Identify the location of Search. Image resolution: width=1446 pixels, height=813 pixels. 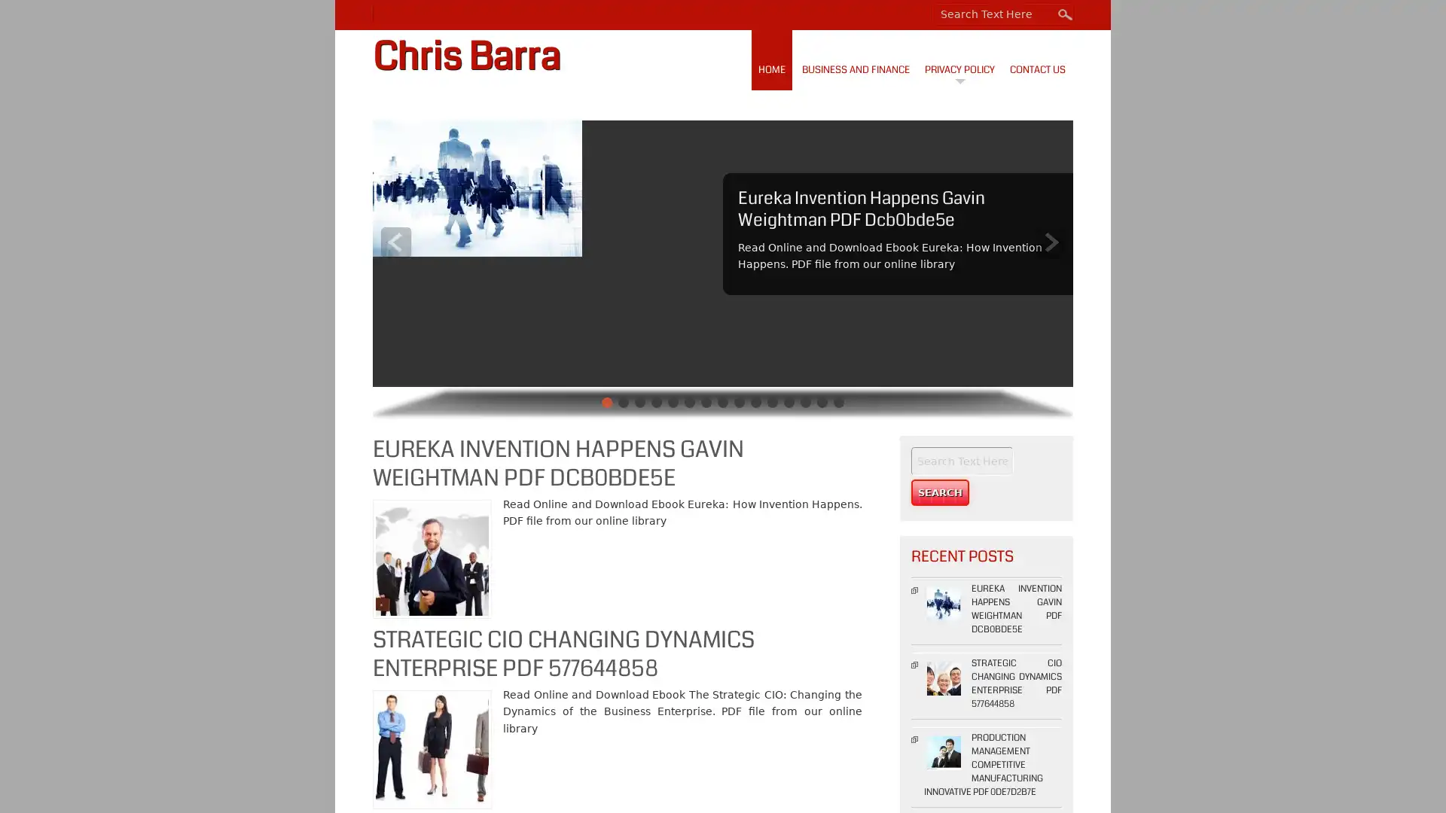
(939, 492).